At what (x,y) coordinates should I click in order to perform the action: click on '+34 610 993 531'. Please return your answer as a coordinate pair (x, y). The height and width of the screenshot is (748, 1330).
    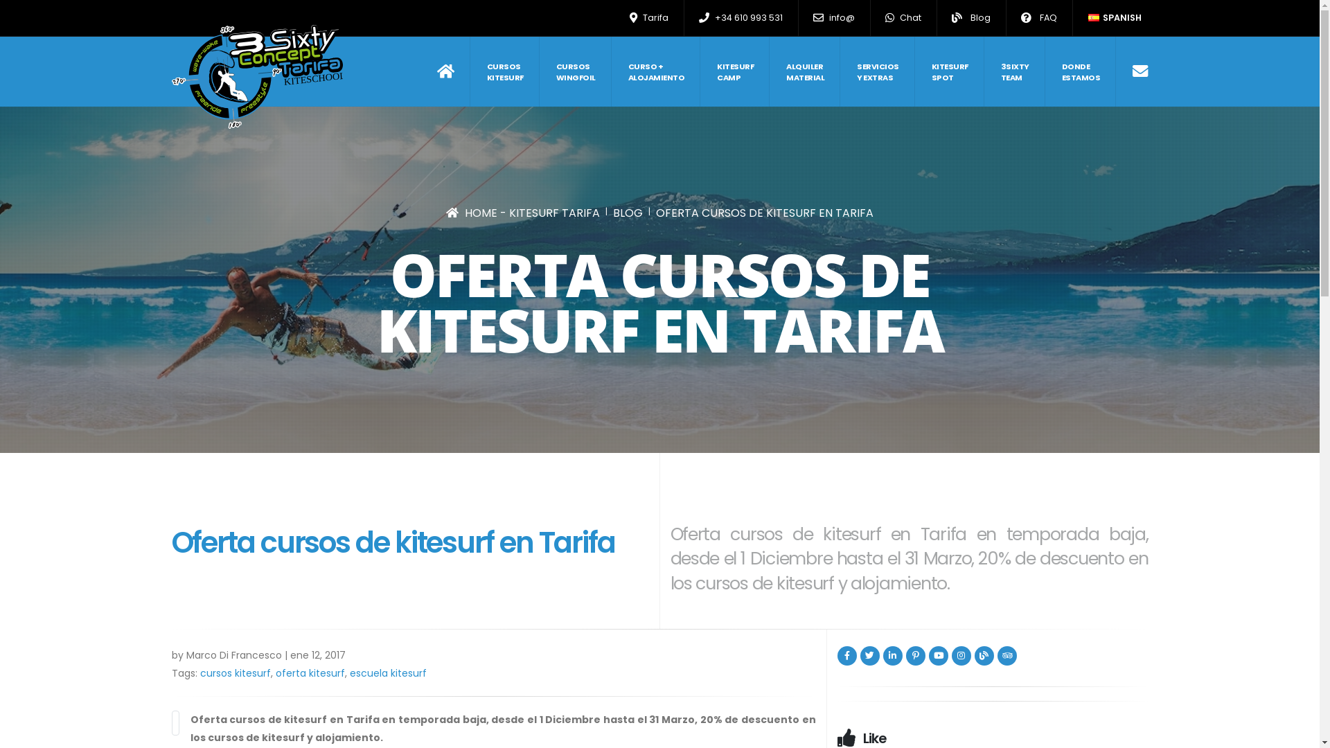
    Looking at the image, I should click on (741, 18).